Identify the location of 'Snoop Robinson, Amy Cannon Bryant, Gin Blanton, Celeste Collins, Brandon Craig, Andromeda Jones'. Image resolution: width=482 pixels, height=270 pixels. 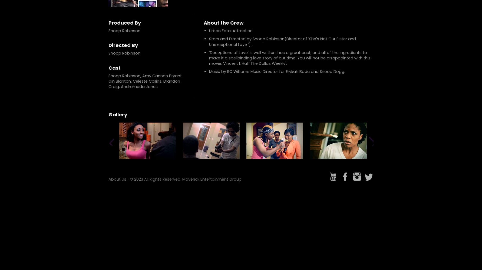
(108, 81).